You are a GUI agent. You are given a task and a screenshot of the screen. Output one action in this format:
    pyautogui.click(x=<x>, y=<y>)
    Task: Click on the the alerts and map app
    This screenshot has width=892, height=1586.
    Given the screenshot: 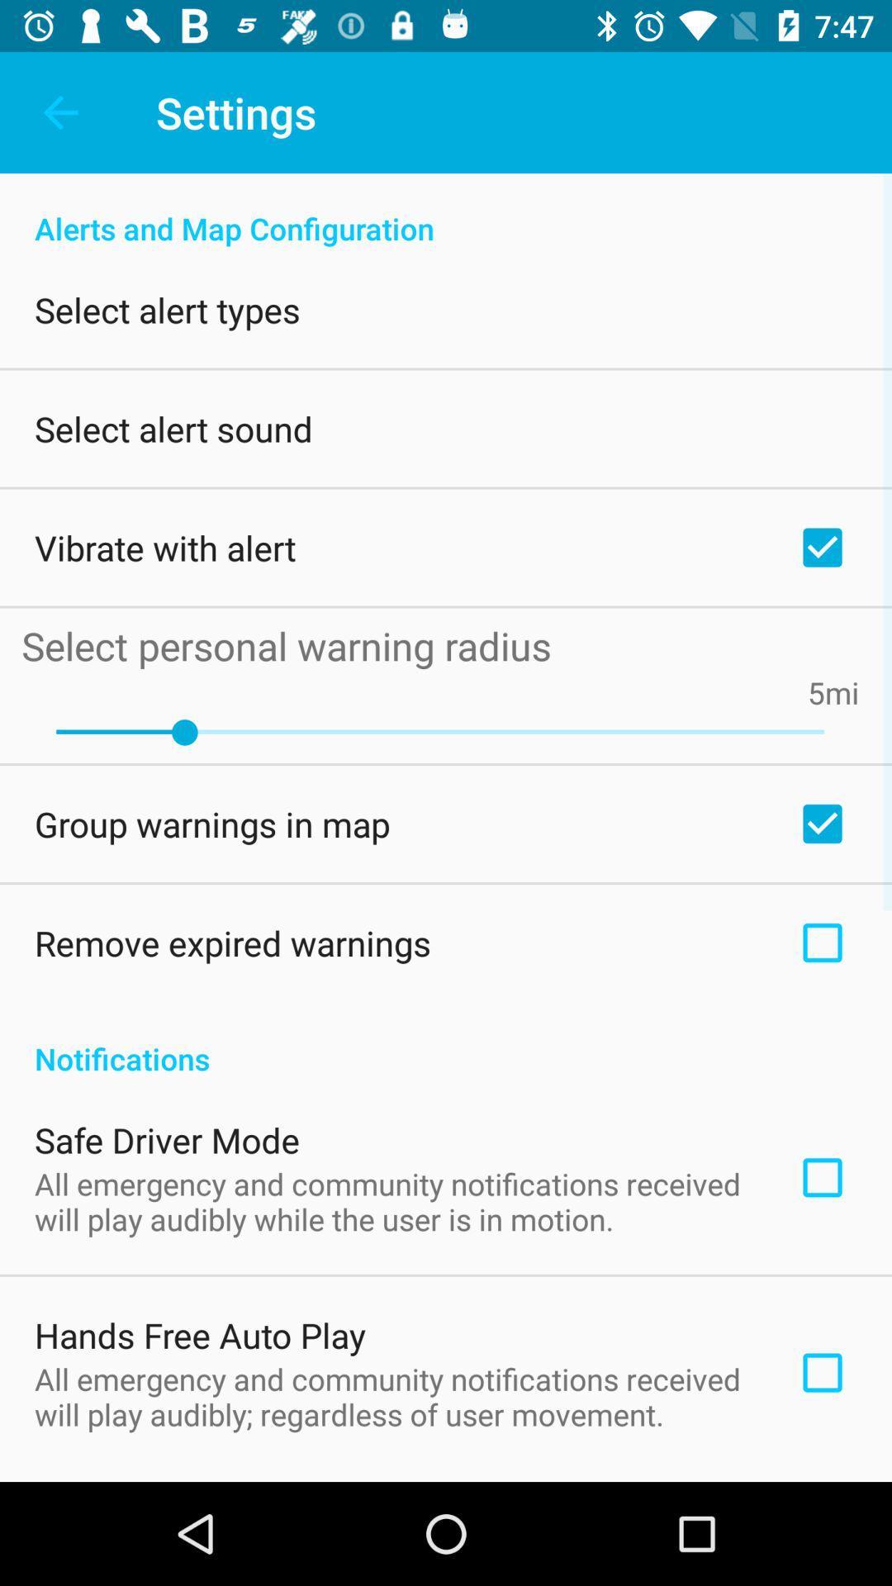 What is the action you would take?
    pyautogui.click(x=446, y=210)
    